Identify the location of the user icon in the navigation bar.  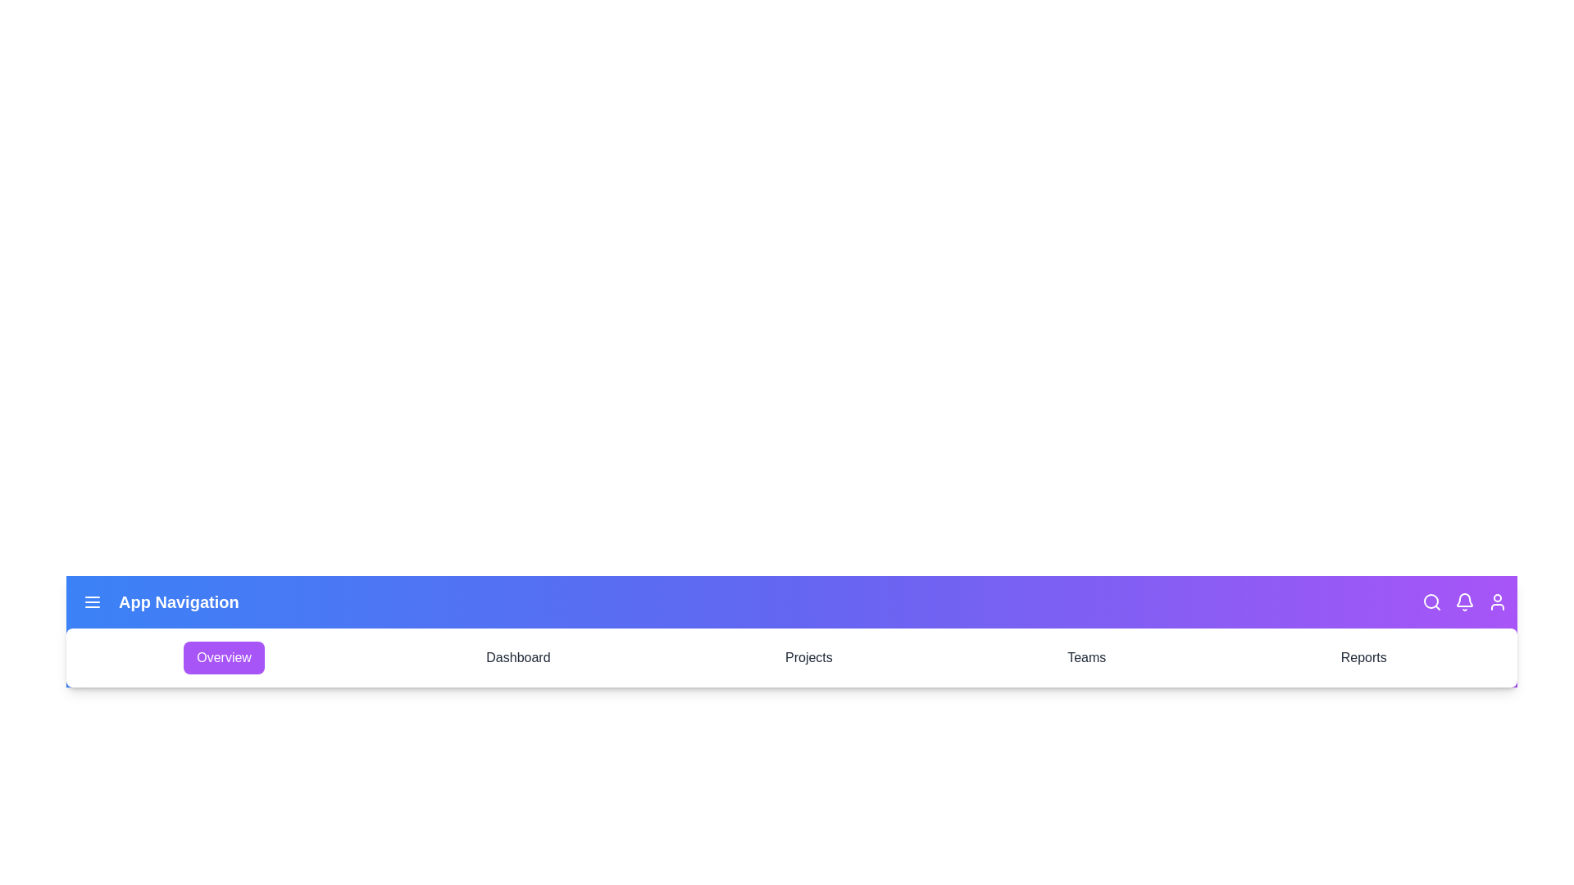
(1498, 602).